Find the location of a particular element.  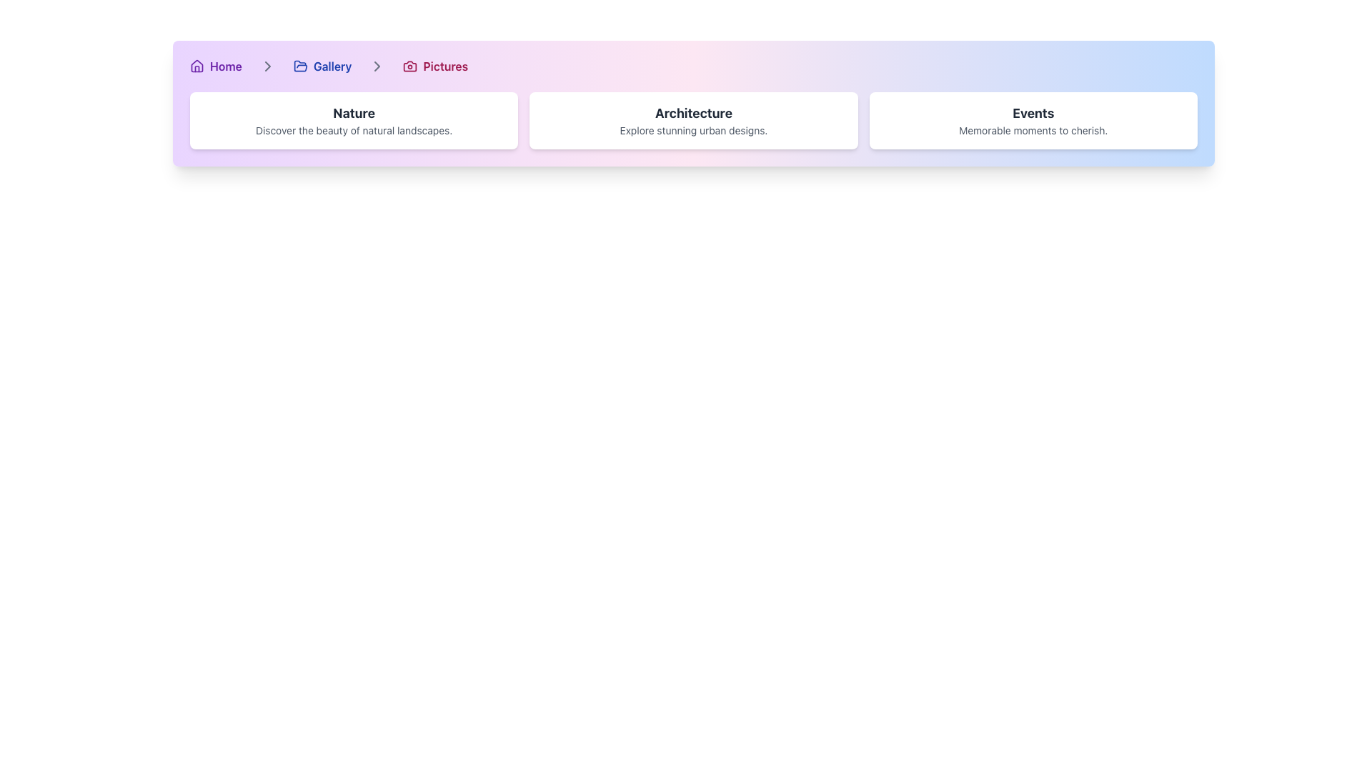

icon that visually separates the breadcrumb items, located at the center of the breadcrumb navigation bar, adjacent to 'Gallery' and before 'Pictures' is located at coordinates (267, 66).